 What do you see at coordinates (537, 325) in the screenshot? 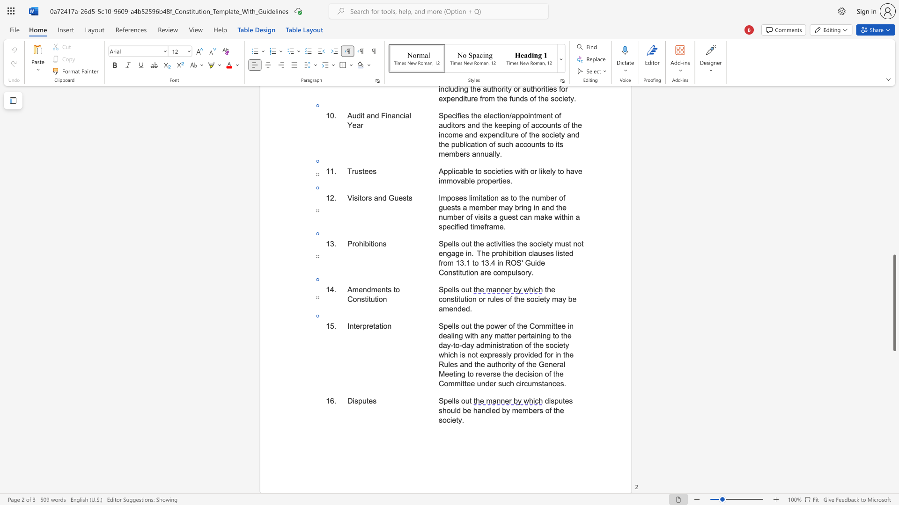
I see `the 4th character "o" in the text` at bounding box center [537, 325].